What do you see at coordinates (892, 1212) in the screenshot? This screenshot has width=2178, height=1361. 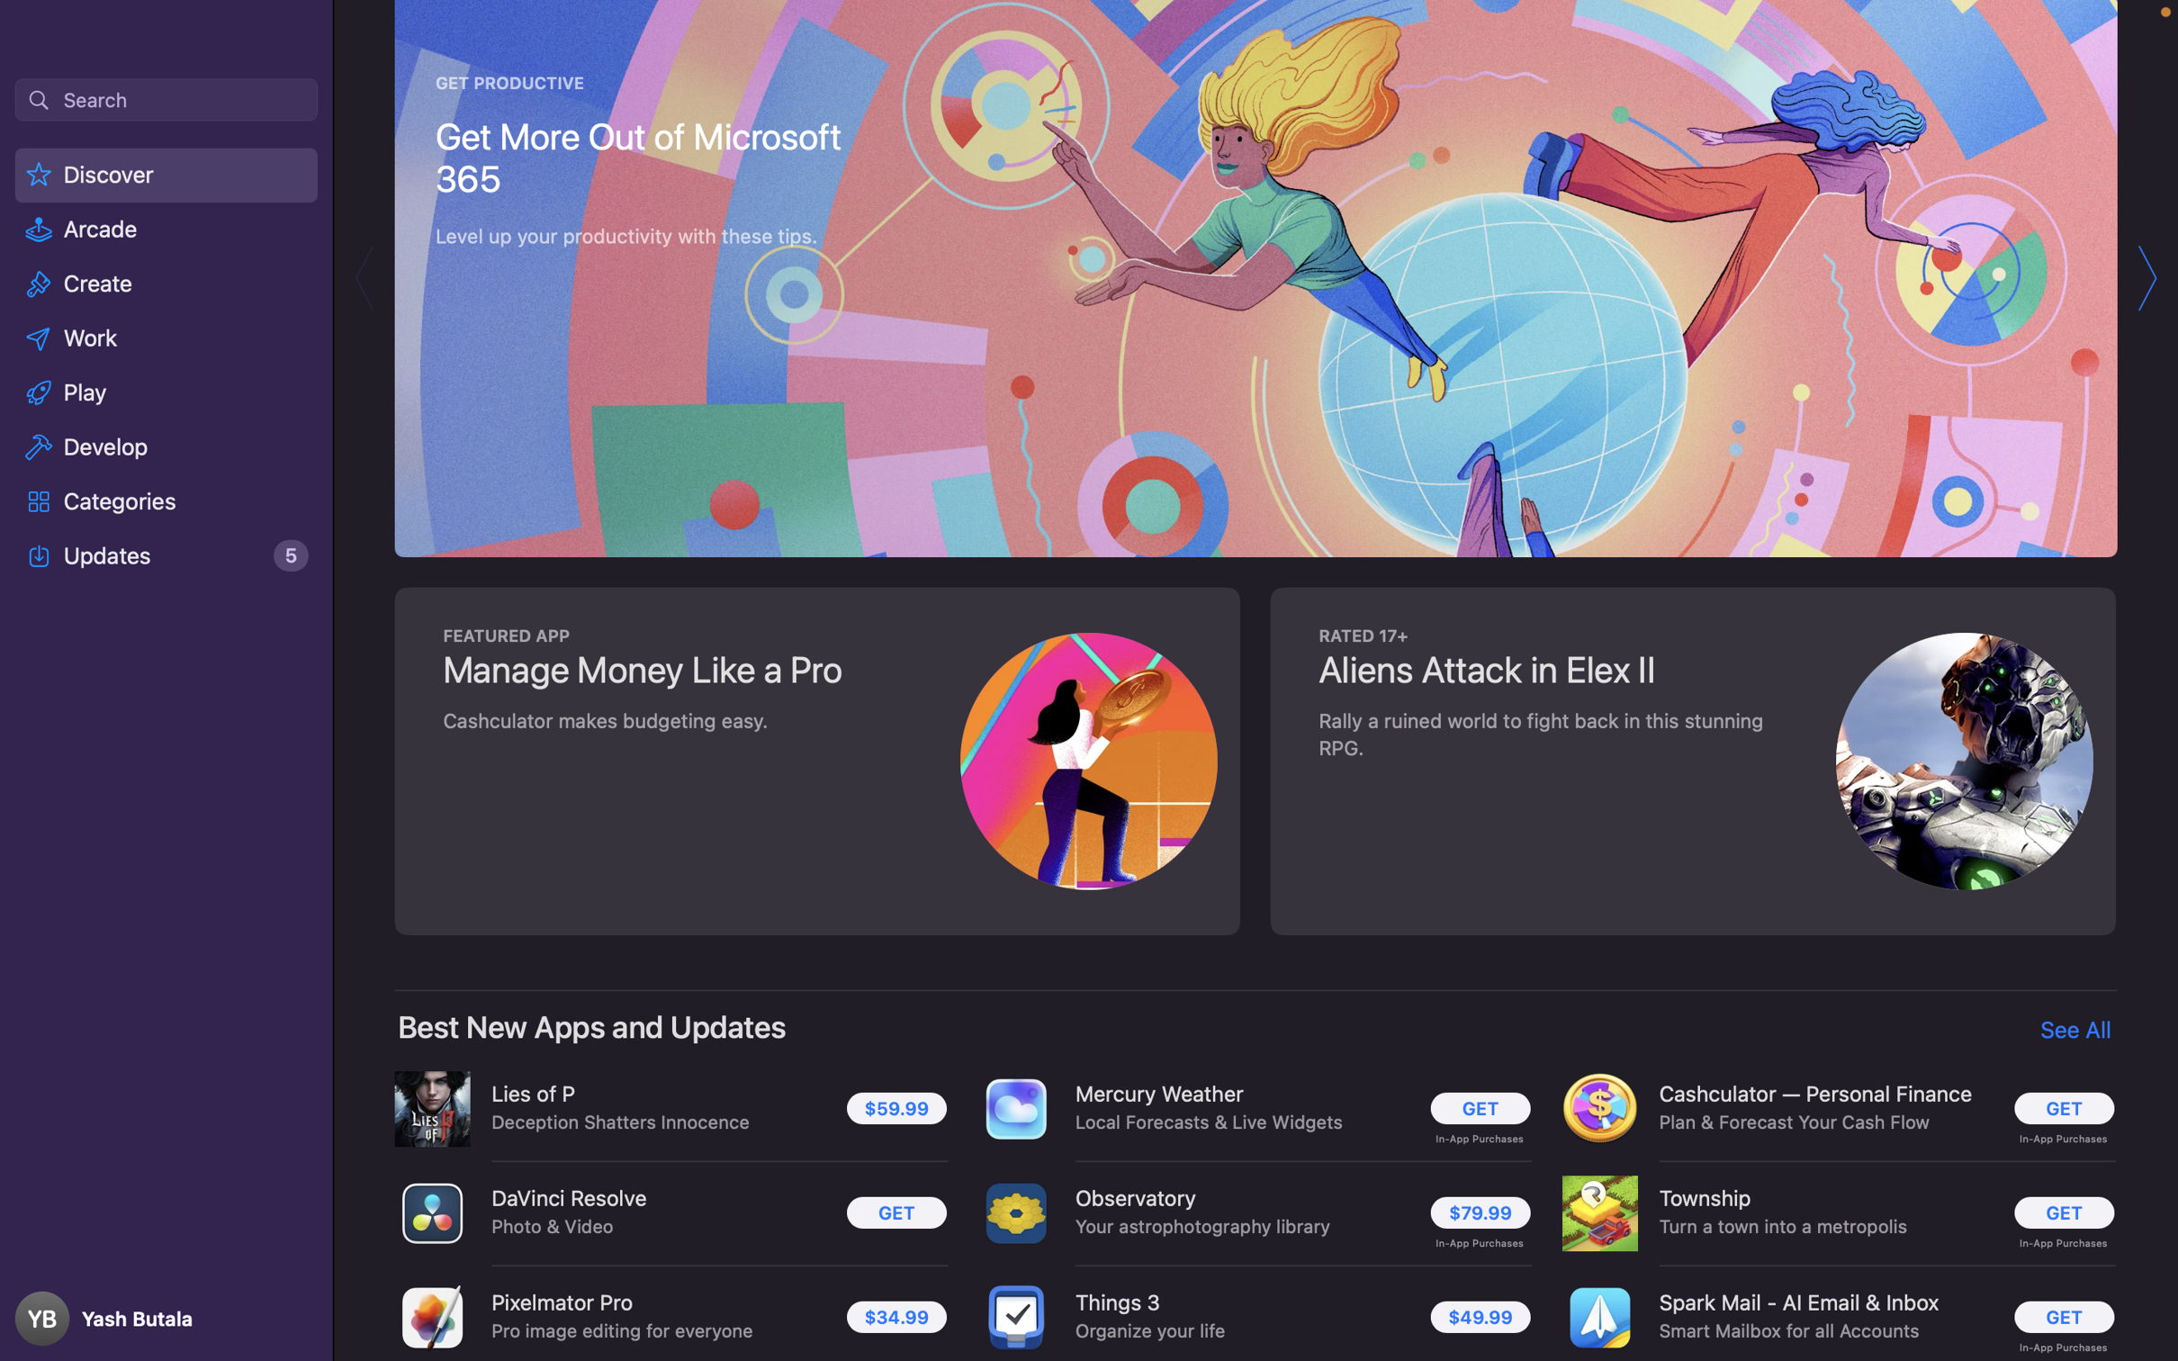 I see `the installation of the "DaVinci Resolve" application` at bounding box center [892, 1212].